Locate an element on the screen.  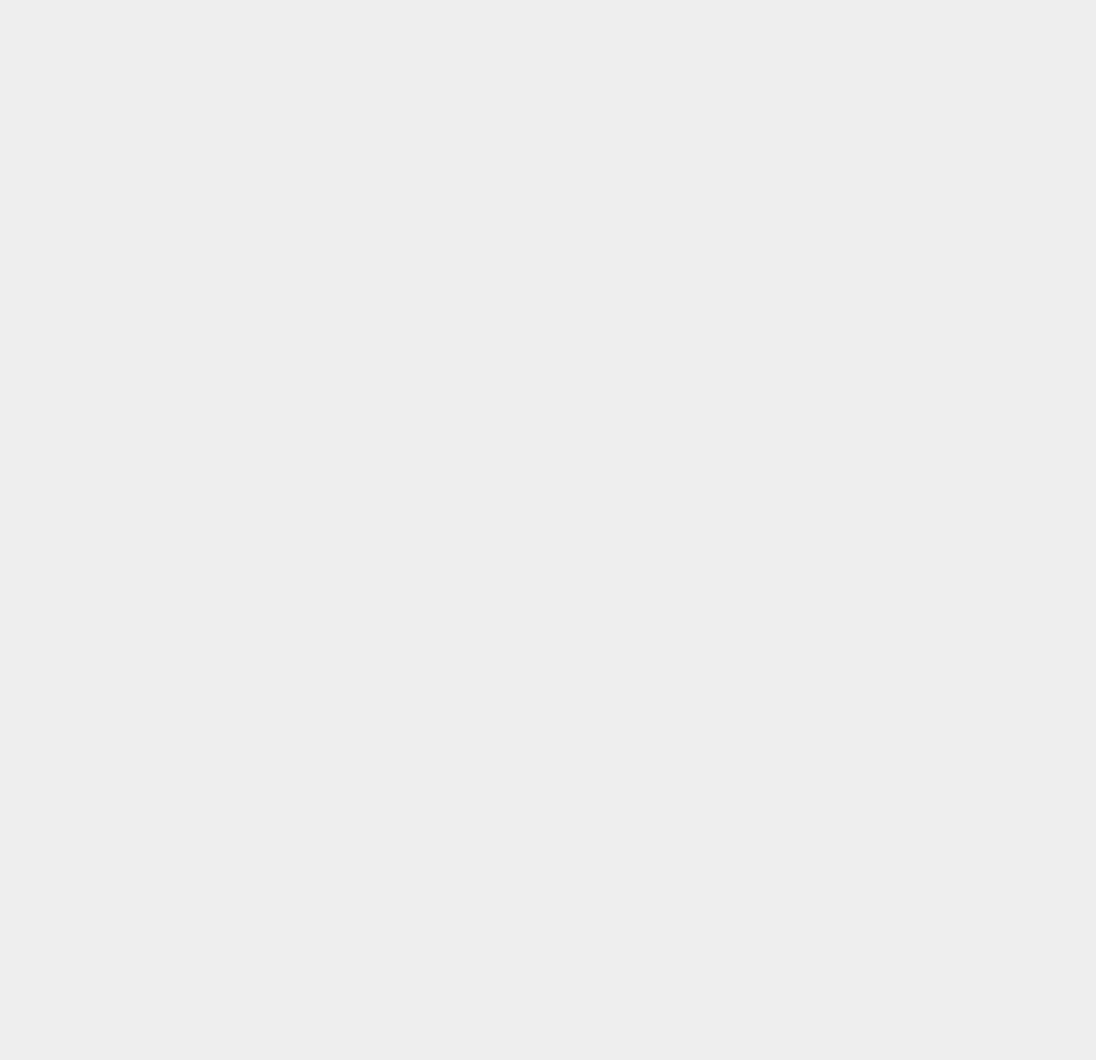
'Verizon' is located at coordinates (798, 298).